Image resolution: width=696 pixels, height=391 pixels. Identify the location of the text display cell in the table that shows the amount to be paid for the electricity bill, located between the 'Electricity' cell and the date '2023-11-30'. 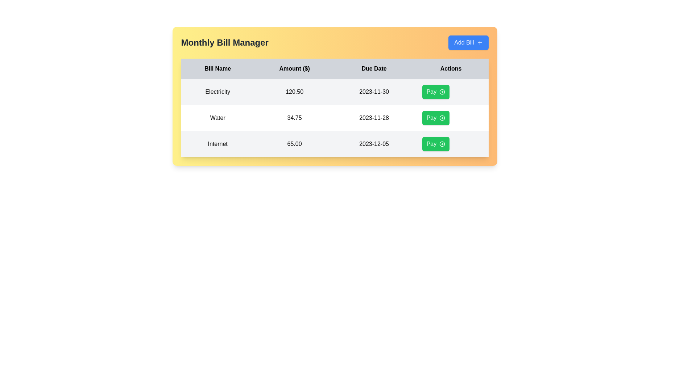
(294, 92).